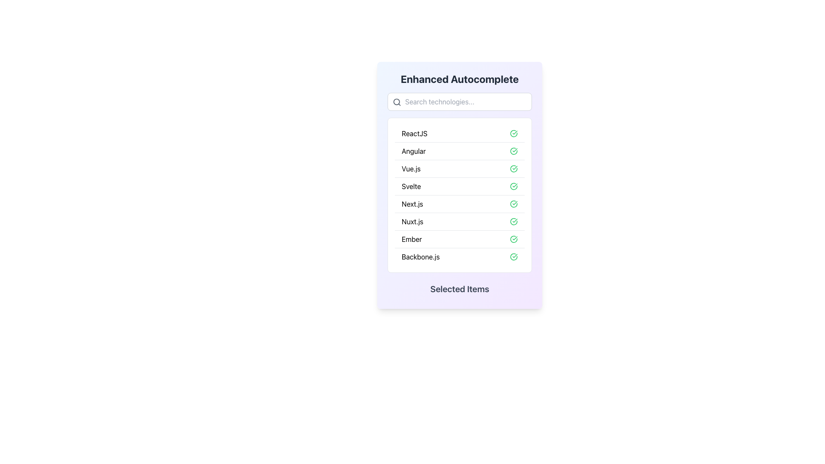 The width and height of the screenshot is (825, 464). What do you see at coordinates (397, 102) in the screenshot?
I see `the search icon located at the top-left corner of the input box that prompts for search queries` at bounding box center [397, 102].